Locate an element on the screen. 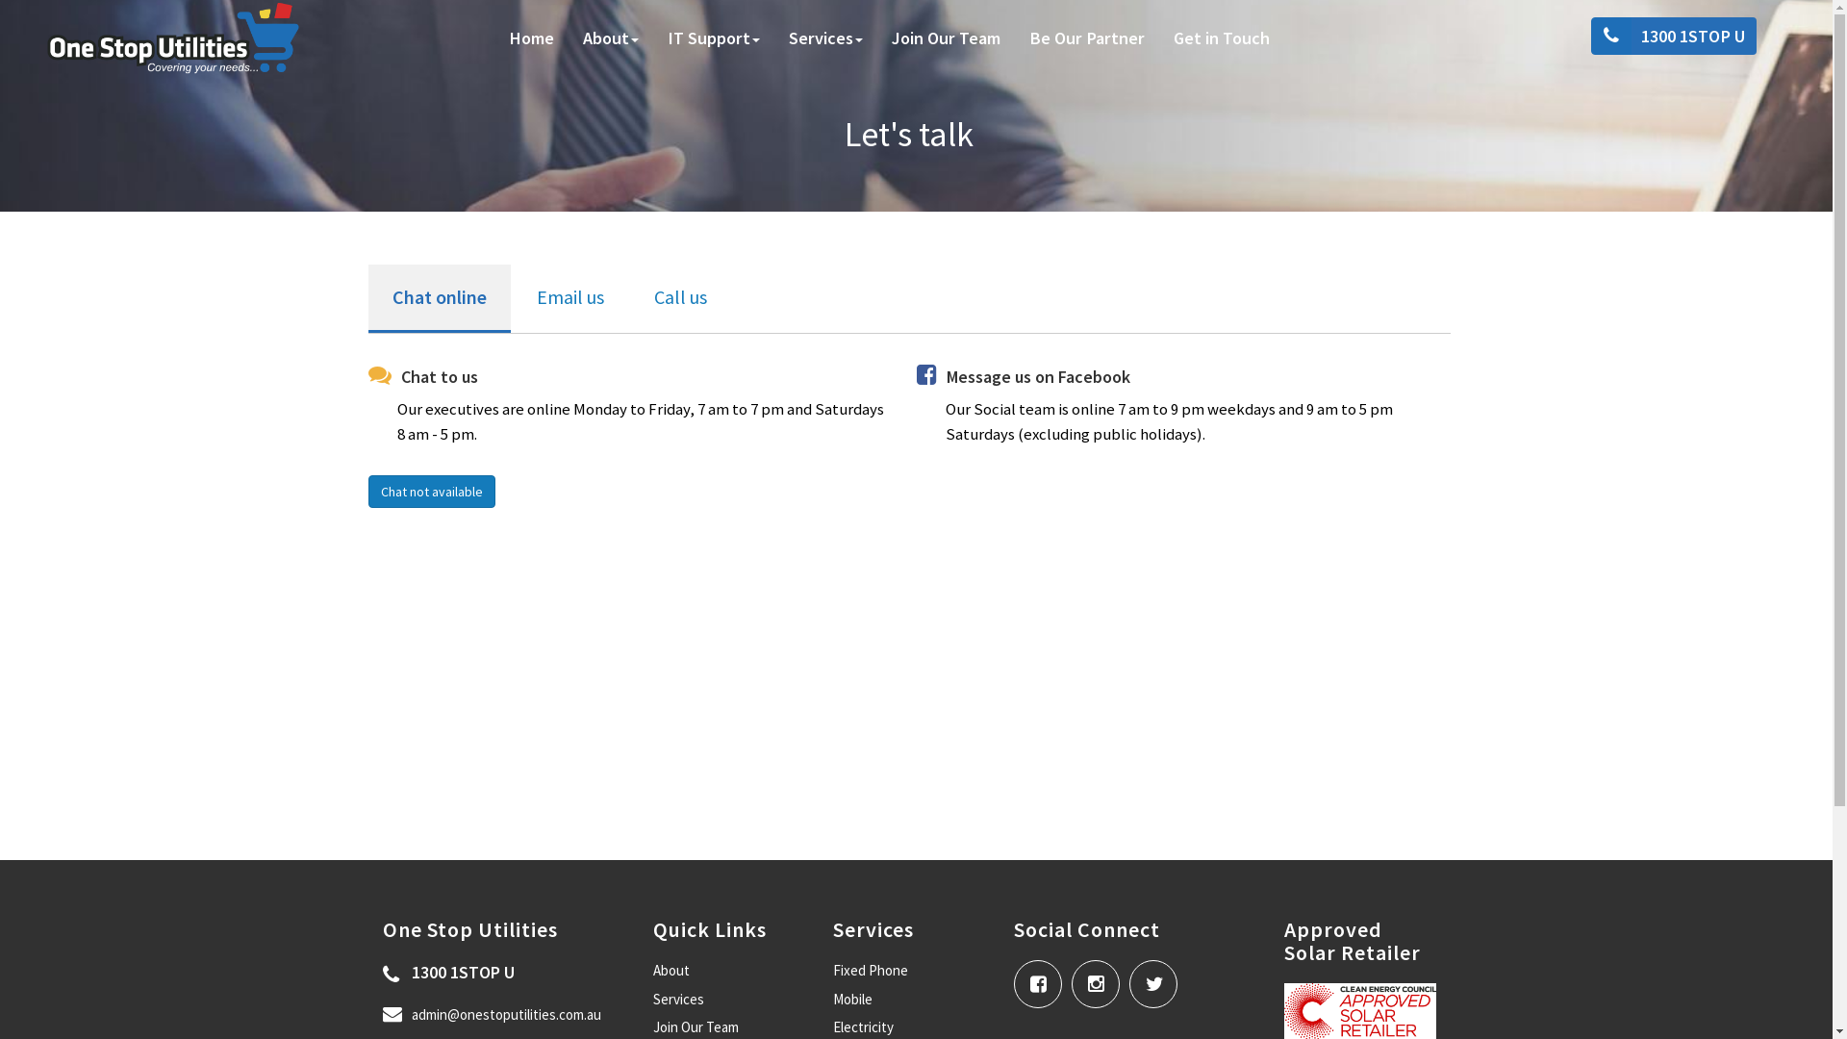 The image size is (1847, 1039). 'Services' is located at coordinates (825, 38).